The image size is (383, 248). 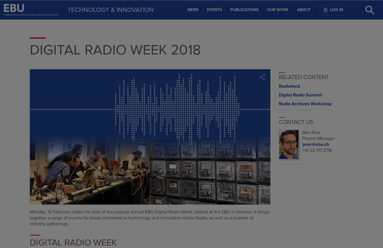 What do you see at coordinates (296, 122) in the screenshot?
I see `'Contact us'` at bounding box center [296, 122].